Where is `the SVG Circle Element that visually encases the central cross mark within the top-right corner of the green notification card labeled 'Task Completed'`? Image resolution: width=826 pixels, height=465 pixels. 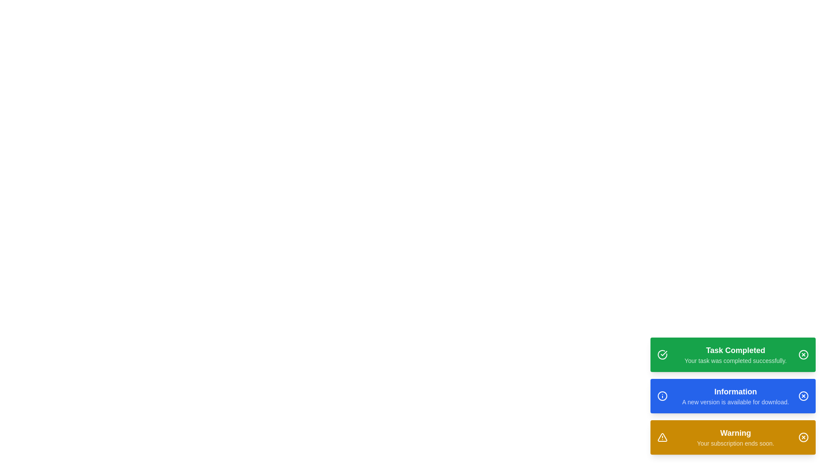
the SVG Circle Element that visually encases the central cross mark within the top-right corner of the green notification card labeled 'Task Completed' is located at coordinates (803, 355).